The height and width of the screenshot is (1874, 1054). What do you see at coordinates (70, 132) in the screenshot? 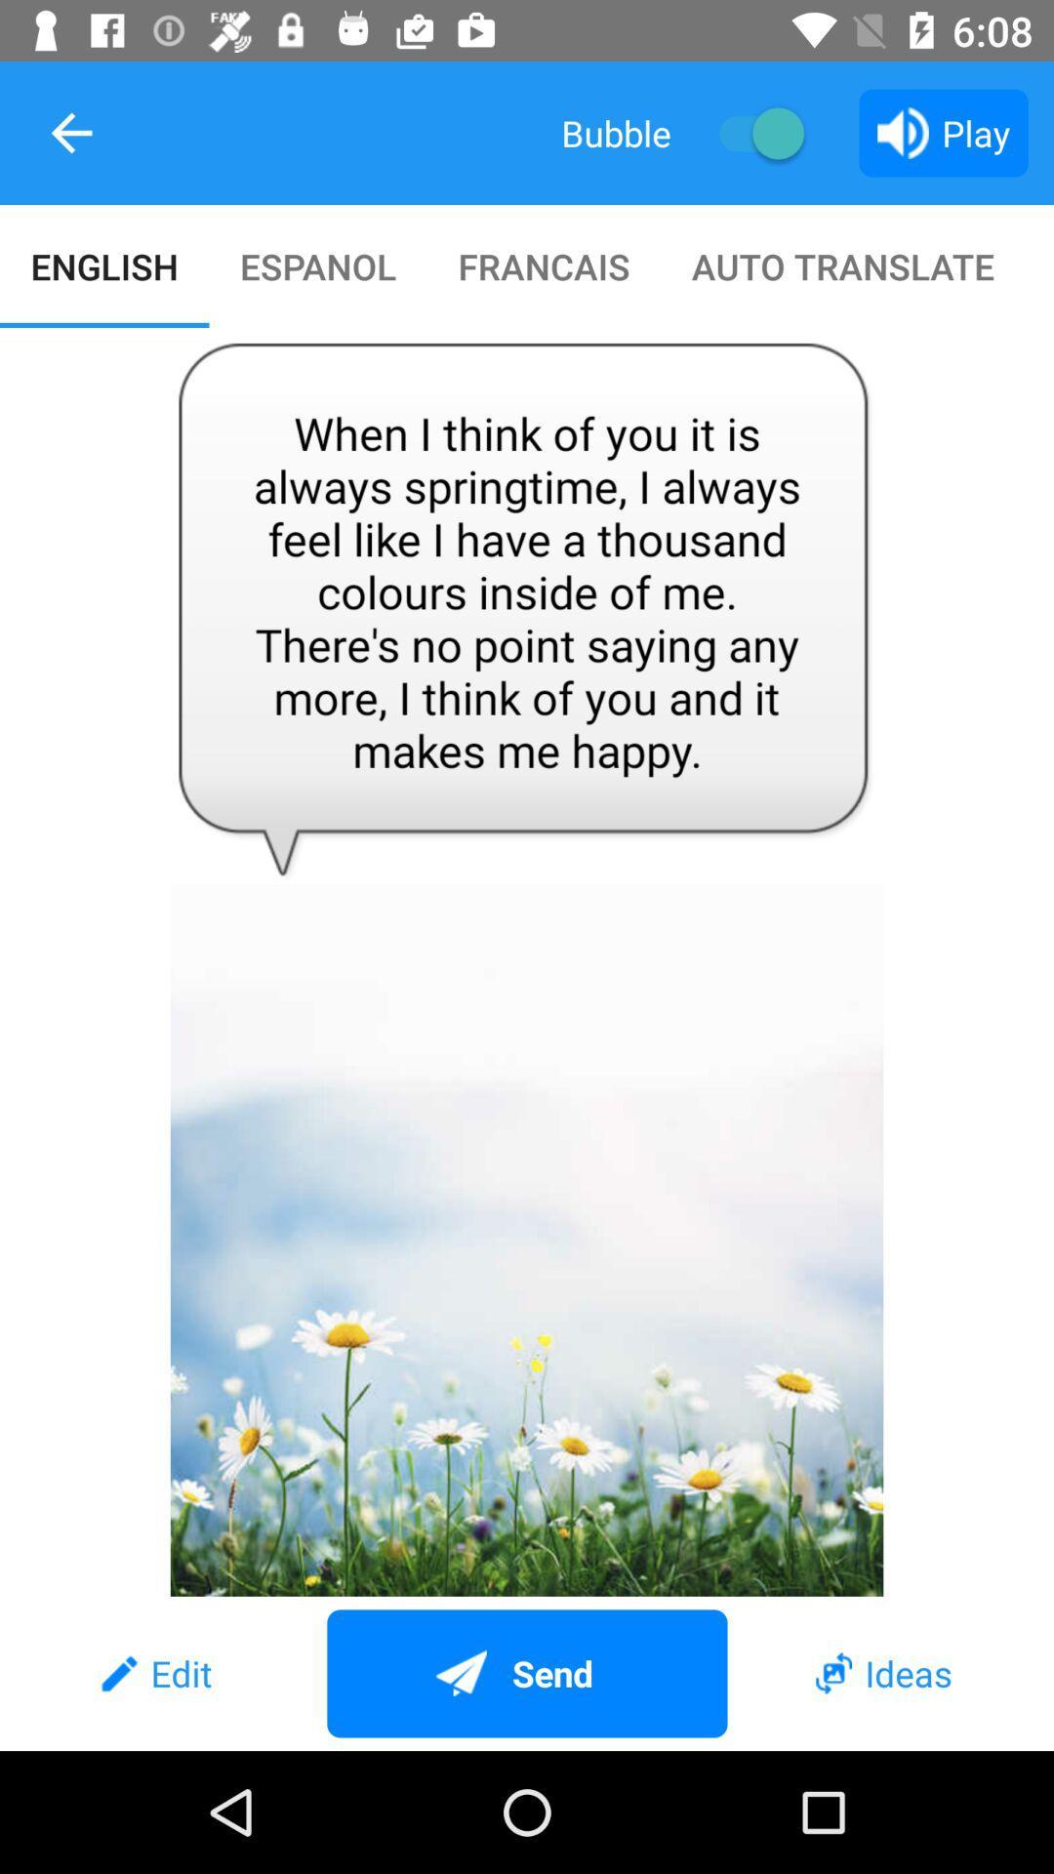
I see `item to the left of the bubble icon` at bounding box center [70, 132].